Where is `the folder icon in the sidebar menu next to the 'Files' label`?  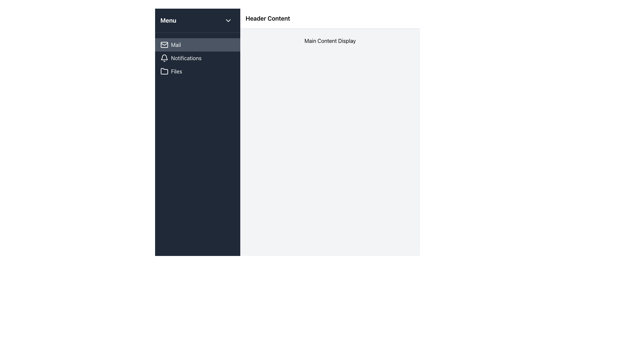 the folder icon in the sidebar menu next to the 'Files' label is located at coordinates (164, 71).